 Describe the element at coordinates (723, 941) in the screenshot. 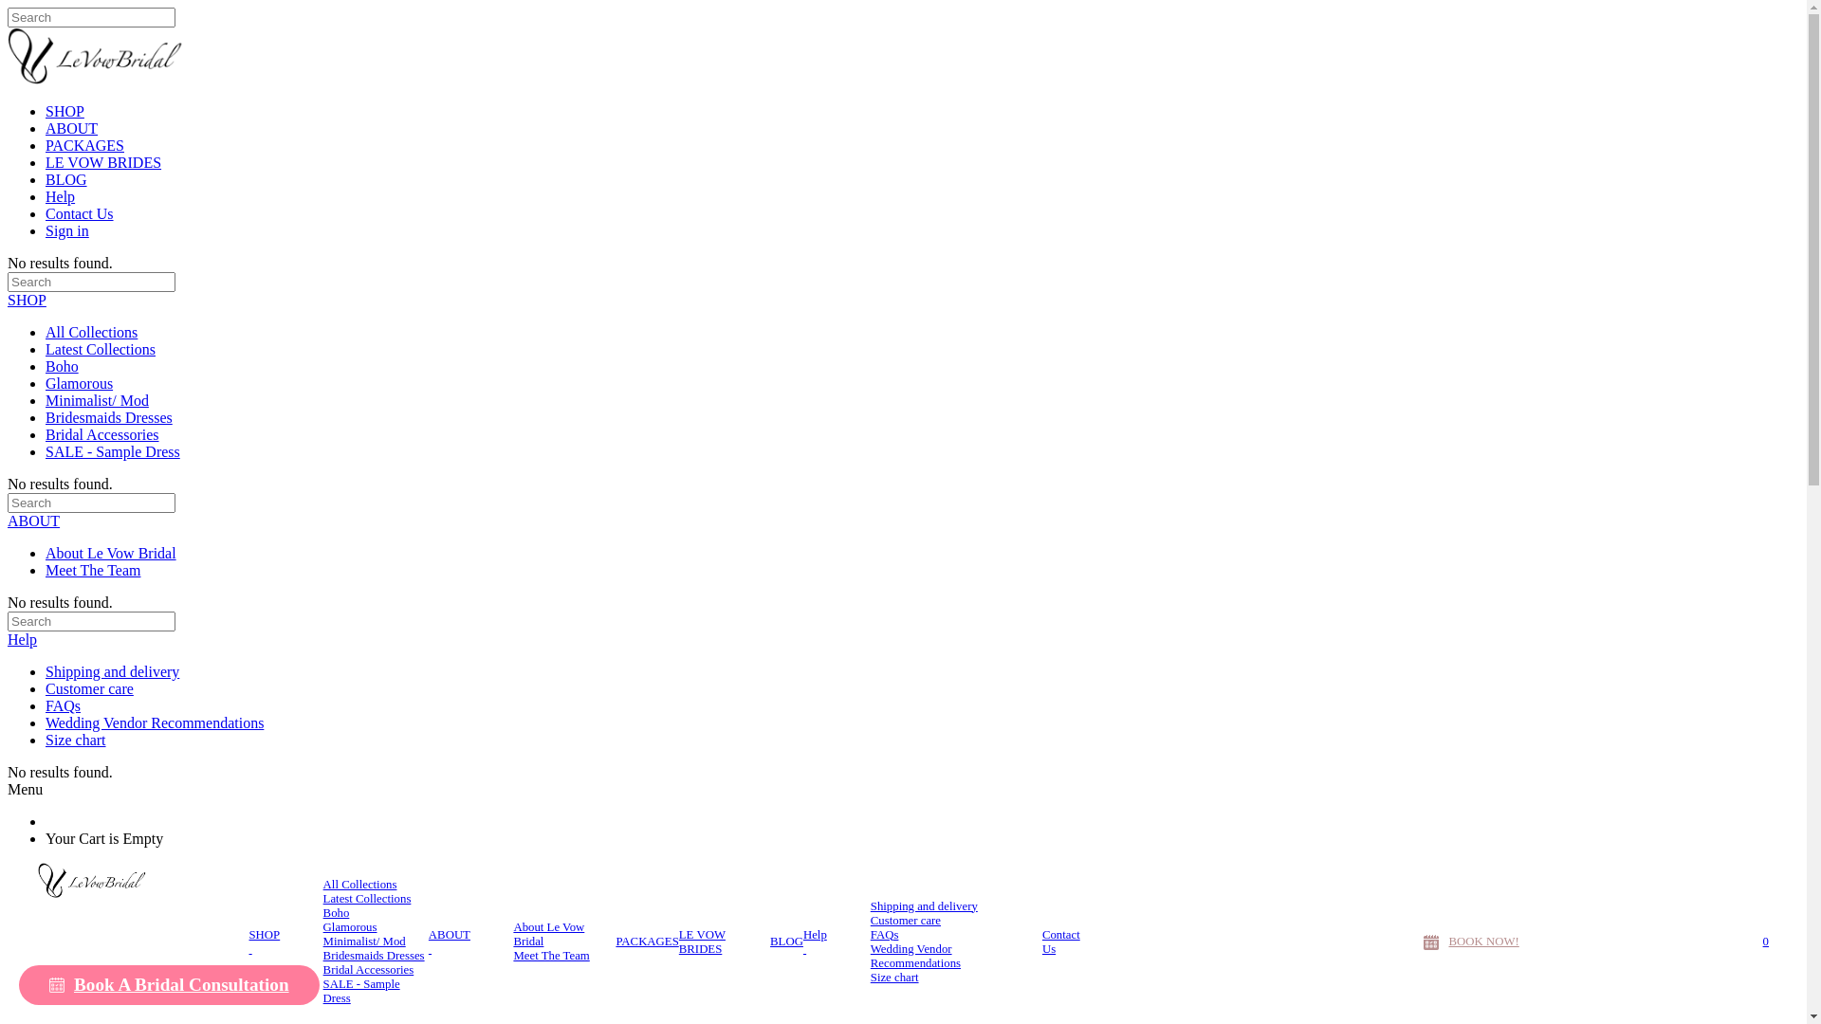

I see `'LE VOW BRIDES'` at that location.